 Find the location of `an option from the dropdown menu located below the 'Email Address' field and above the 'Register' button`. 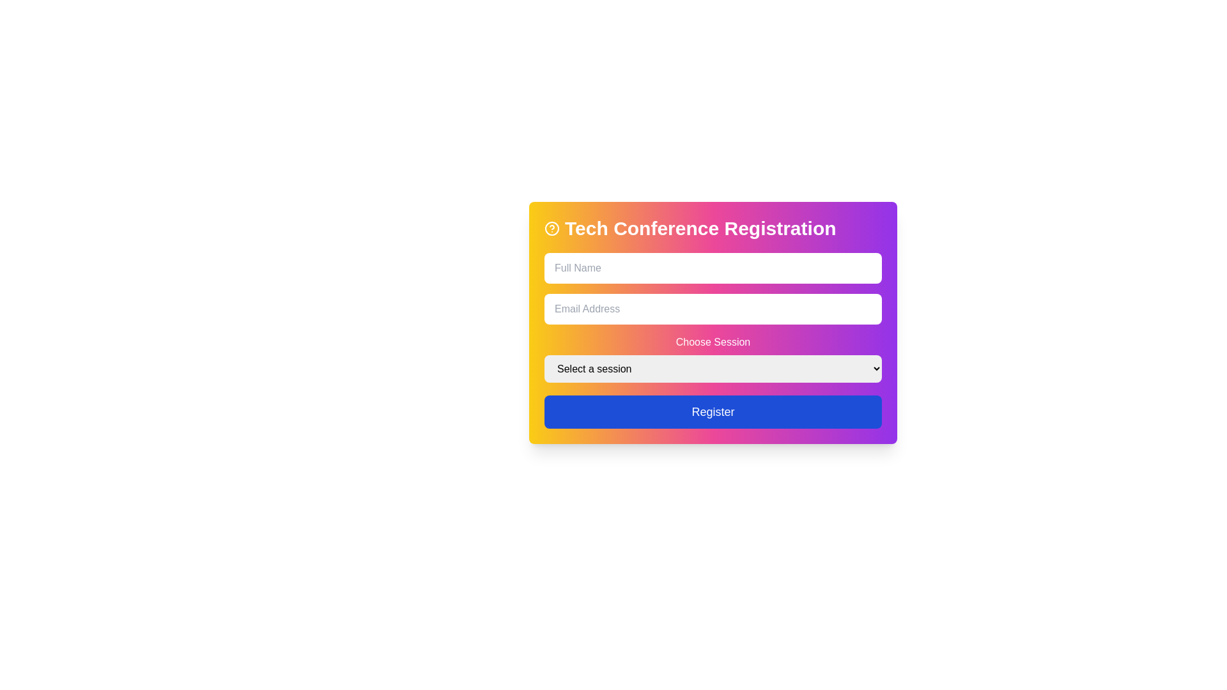

an option from the dropdown menu located below the 'Email Address' field and above the 'Register' button is located at coordinates (713, 358).